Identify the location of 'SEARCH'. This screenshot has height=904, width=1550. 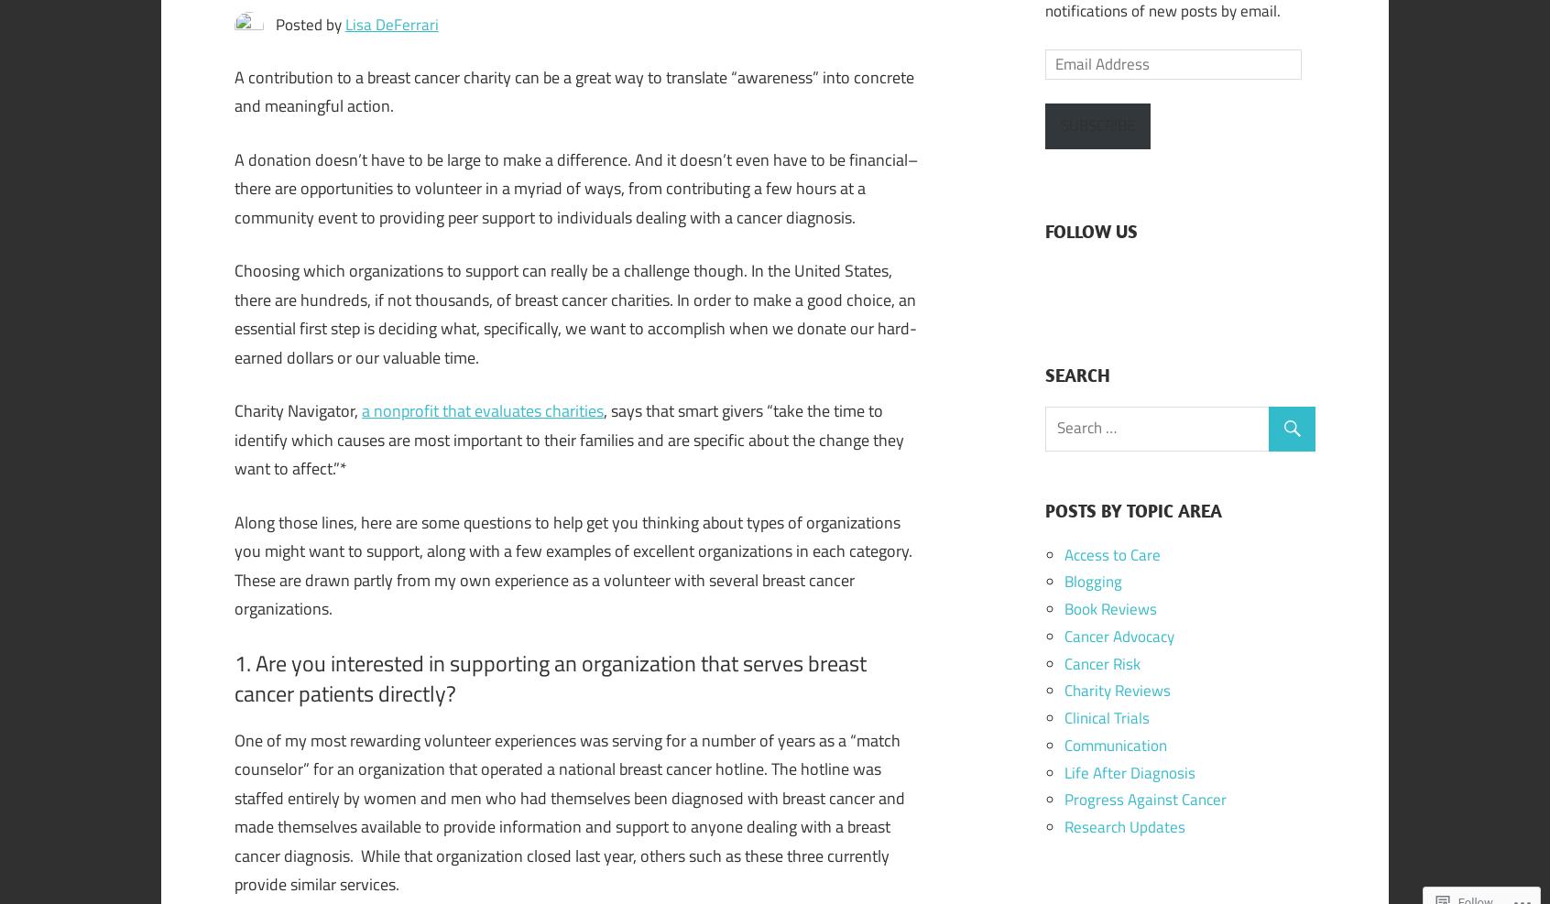
(1043, 374).